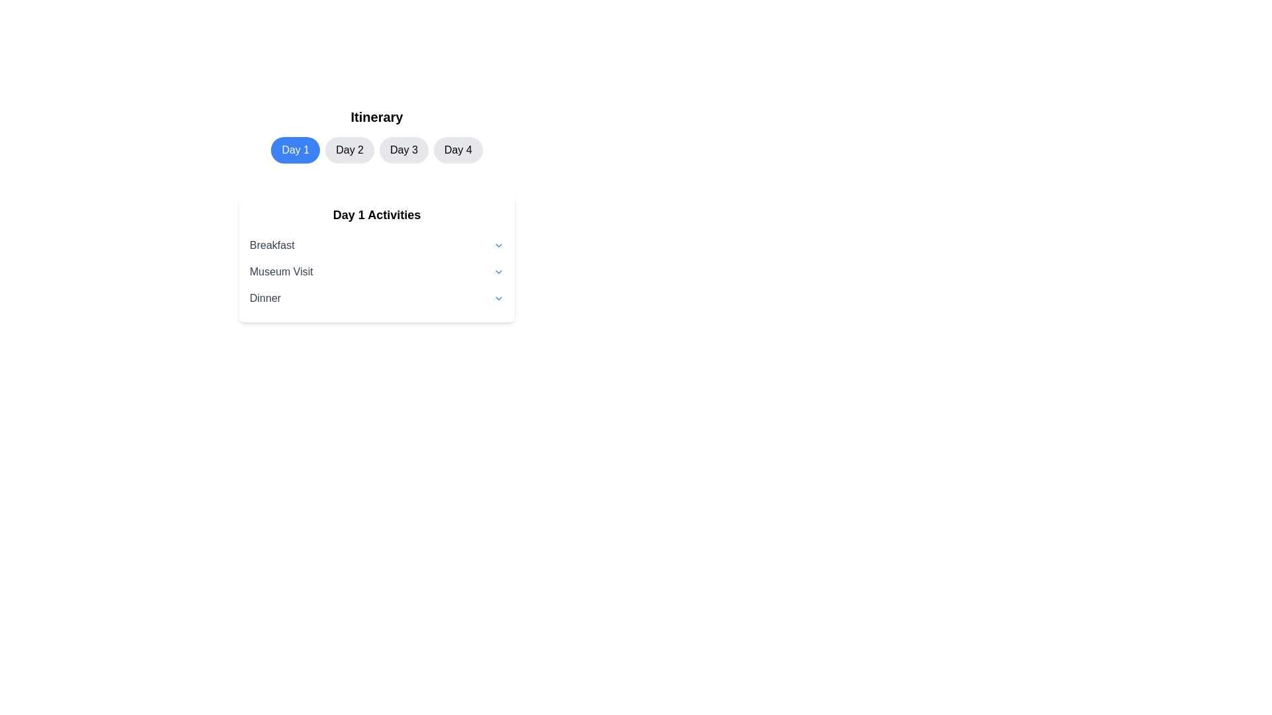 The width and height of the screenshot is (1272, 715). I want to click on the 'Breakfast' dropdown or collapsible list item located in the 'Day 1 Activities' section under the 'Day 1' tab, so click(376, 245).